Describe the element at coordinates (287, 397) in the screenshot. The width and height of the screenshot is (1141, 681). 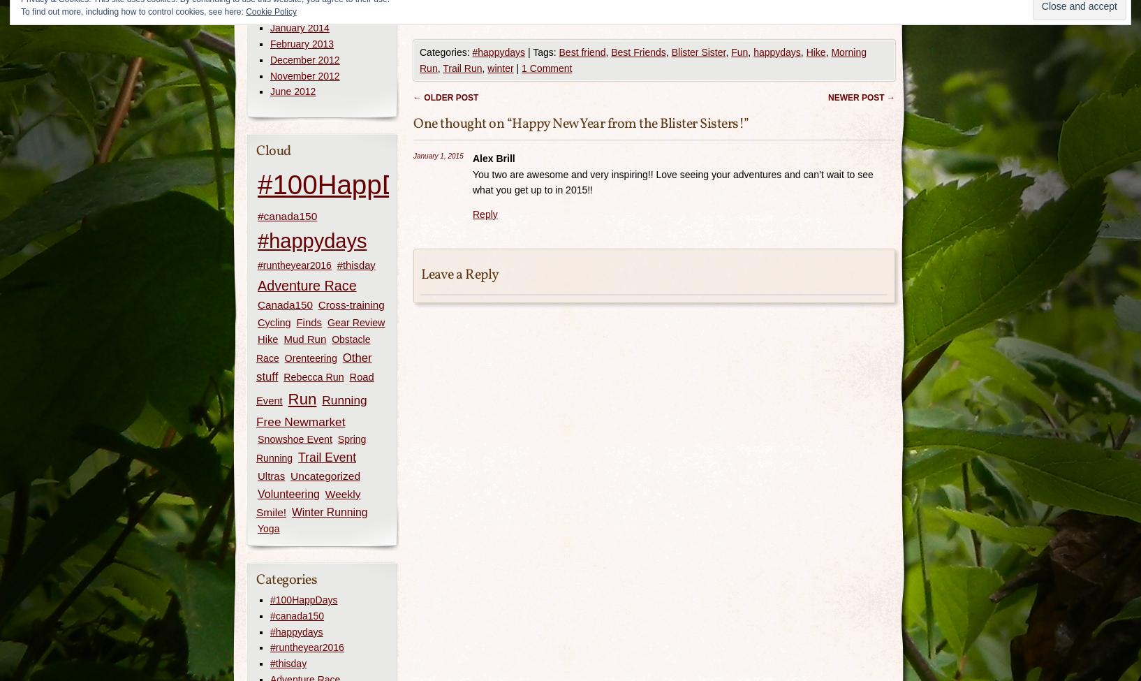
I see `'Run'` at that location.